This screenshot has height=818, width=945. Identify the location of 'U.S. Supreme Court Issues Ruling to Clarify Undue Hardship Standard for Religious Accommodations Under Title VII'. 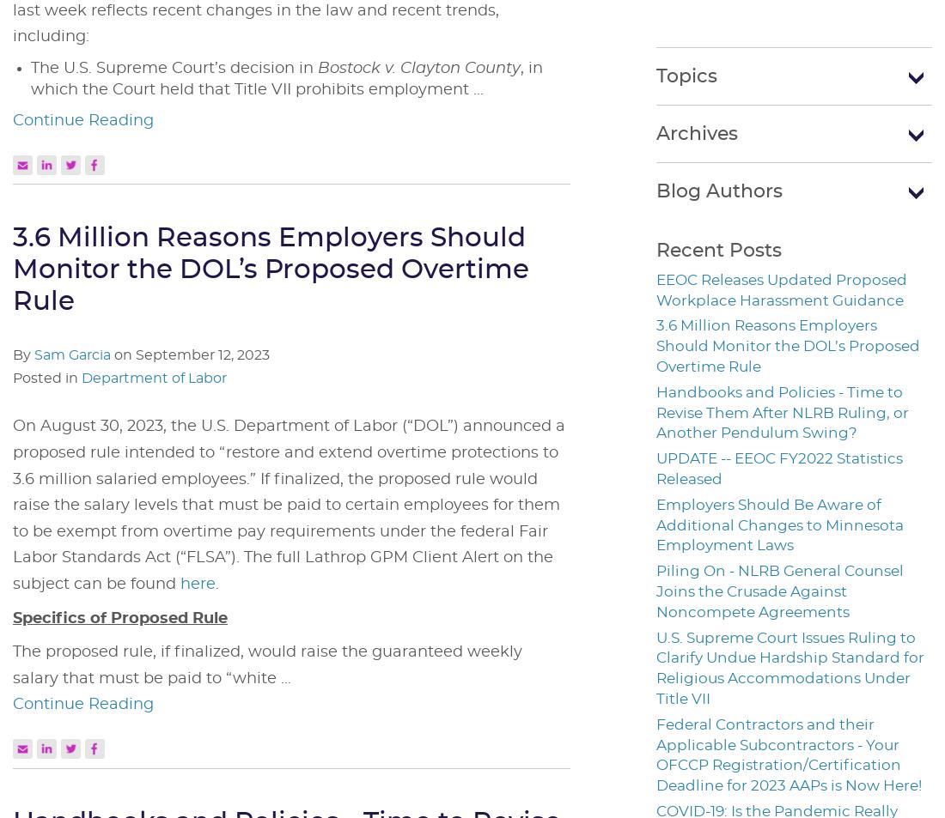
(790, 668).